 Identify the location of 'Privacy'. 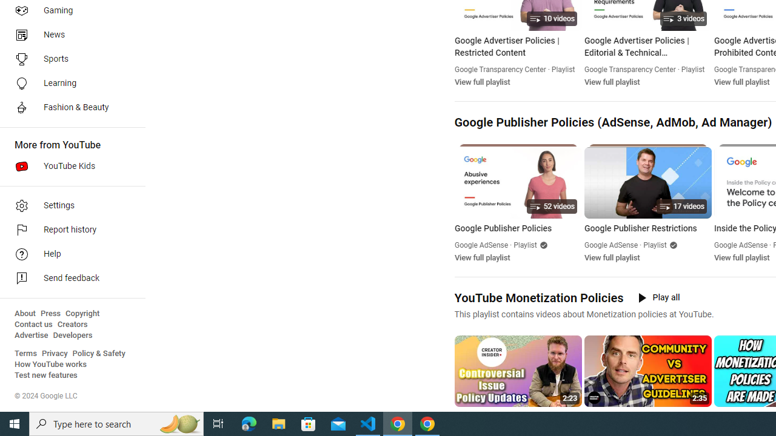
(54, 354).